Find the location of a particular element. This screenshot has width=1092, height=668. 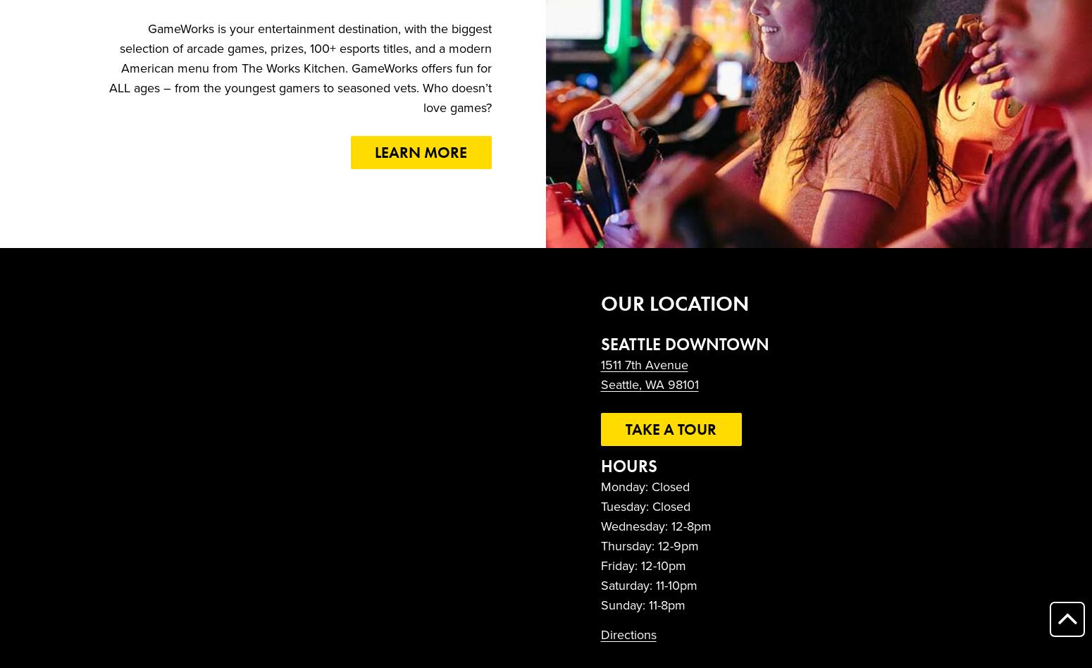

'Seattle, WA 98101' is located at coordinates (649, 384).